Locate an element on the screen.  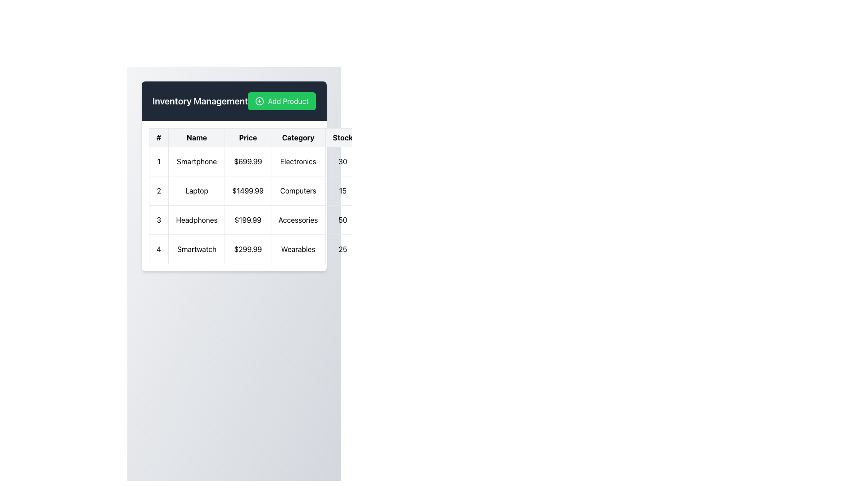
the 'Price' column header in the table, which is the third column header located between 'Name' and 'Category' is located at coordinates (248, 137).